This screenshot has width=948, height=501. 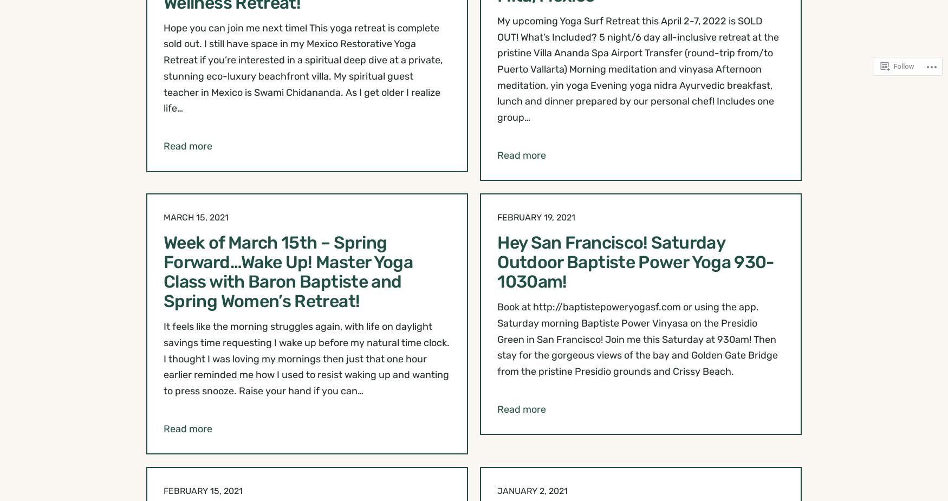 I want to click on 'Week of March 15th – Spring Forward…Wake Up! Master Yoga Class with Baron Baptiste and Spring Women’s Retreat!', so click(x=288, y=271).